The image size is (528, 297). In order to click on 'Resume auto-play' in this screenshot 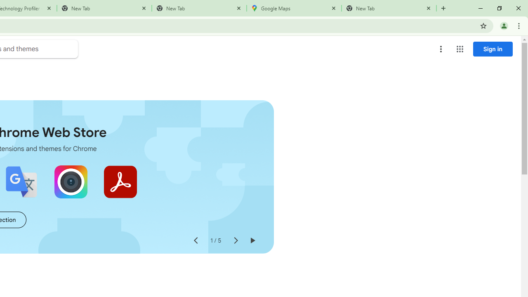, I will do `click(252, 240)`.